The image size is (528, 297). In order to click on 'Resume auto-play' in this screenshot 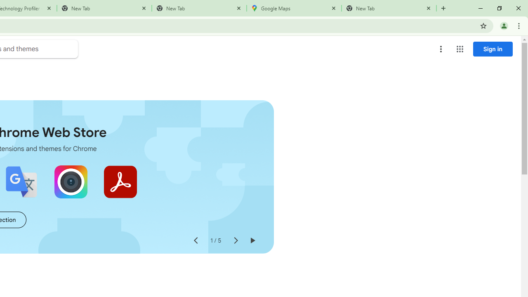, I will do `click(252, 240)`.